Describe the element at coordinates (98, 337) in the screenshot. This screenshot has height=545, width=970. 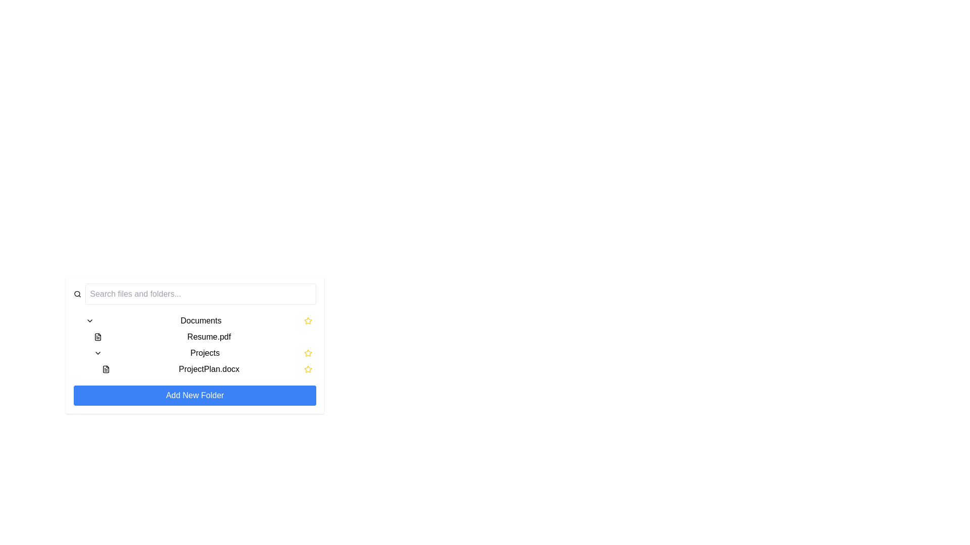
I see `the file icon representing 'Resume.pdf'` at that location.